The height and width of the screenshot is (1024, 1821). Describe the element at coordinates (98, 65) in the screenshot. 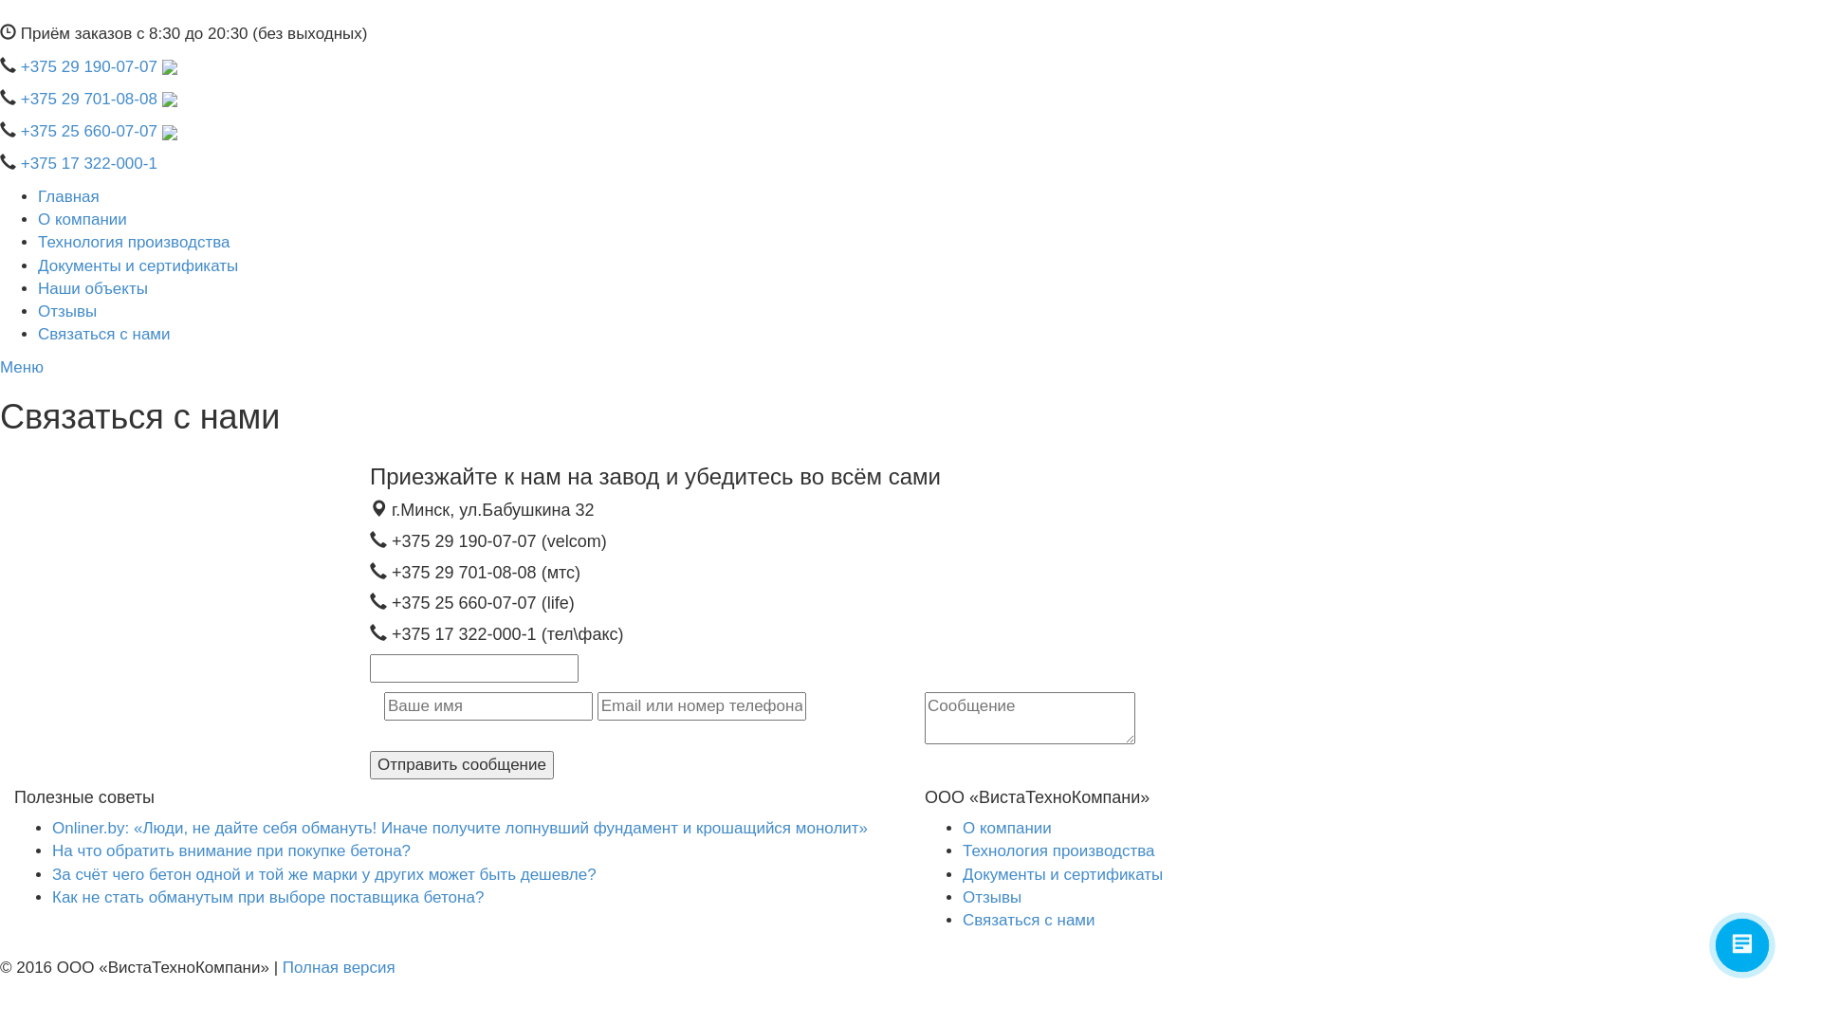

I see `'+375 29 190-07-07'` at that location.